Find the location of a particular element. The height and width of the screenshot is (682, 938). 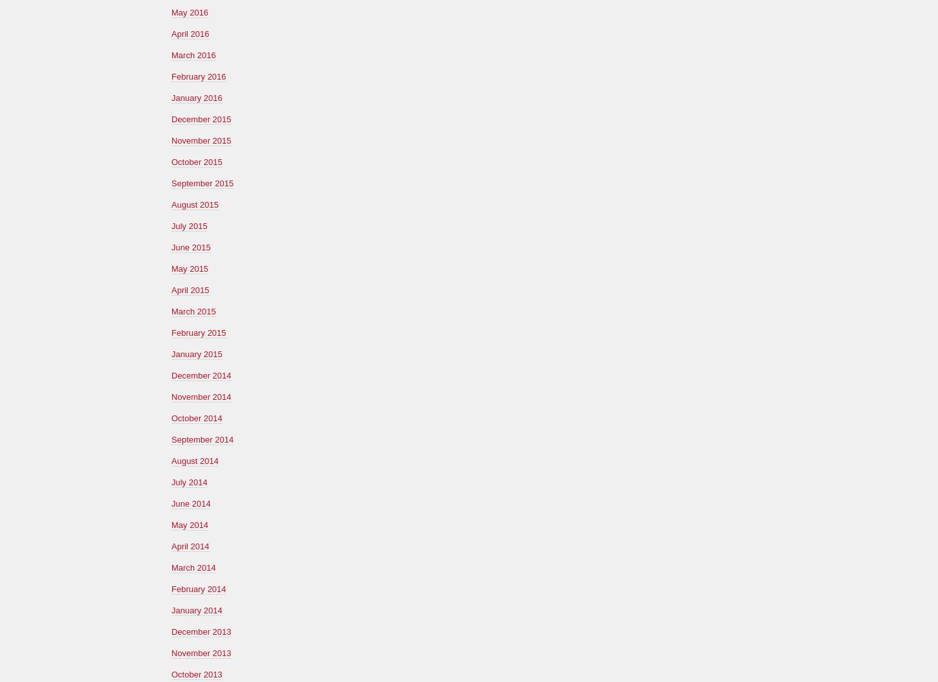

'October 2013' is located at coordinates (197, 673).